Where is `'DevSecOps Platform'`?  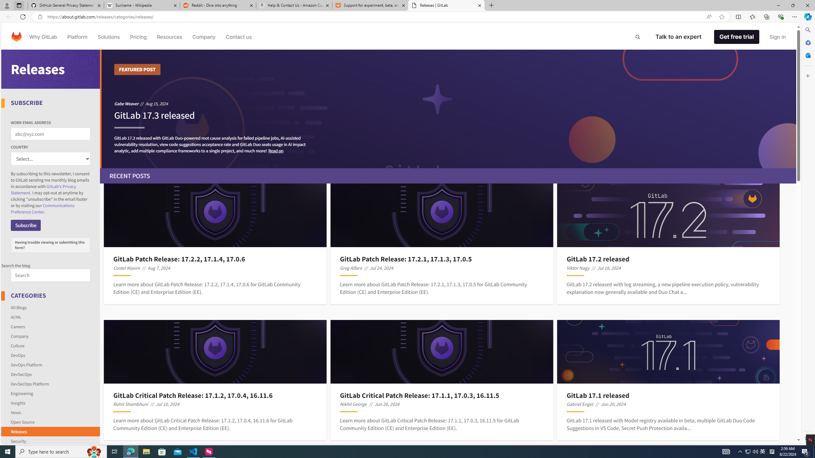 'DevSecOps Platform' is located at coordinates (30, 384).